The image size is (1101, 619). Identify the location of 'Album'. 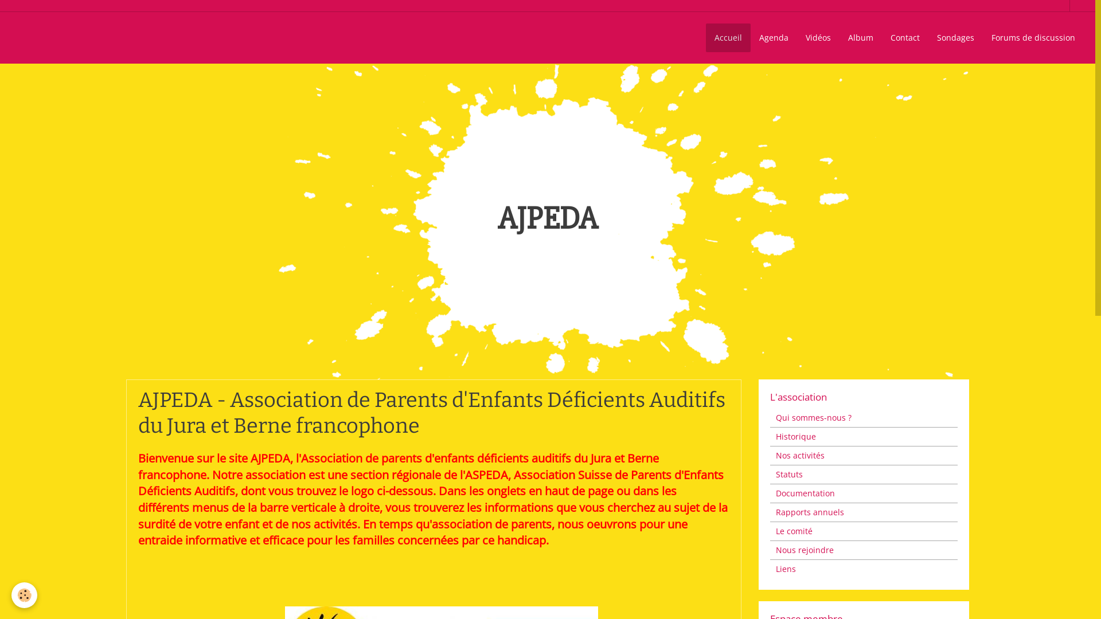
(861, 37).